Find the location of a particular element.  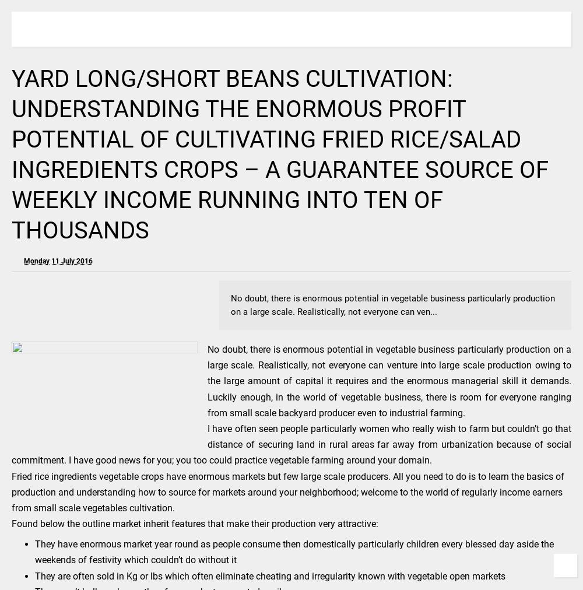

'They are often sold in Kg or lbs which often eliminate cheating and irregularity known with vegetable open markets' is located at coordinates (269, 575).